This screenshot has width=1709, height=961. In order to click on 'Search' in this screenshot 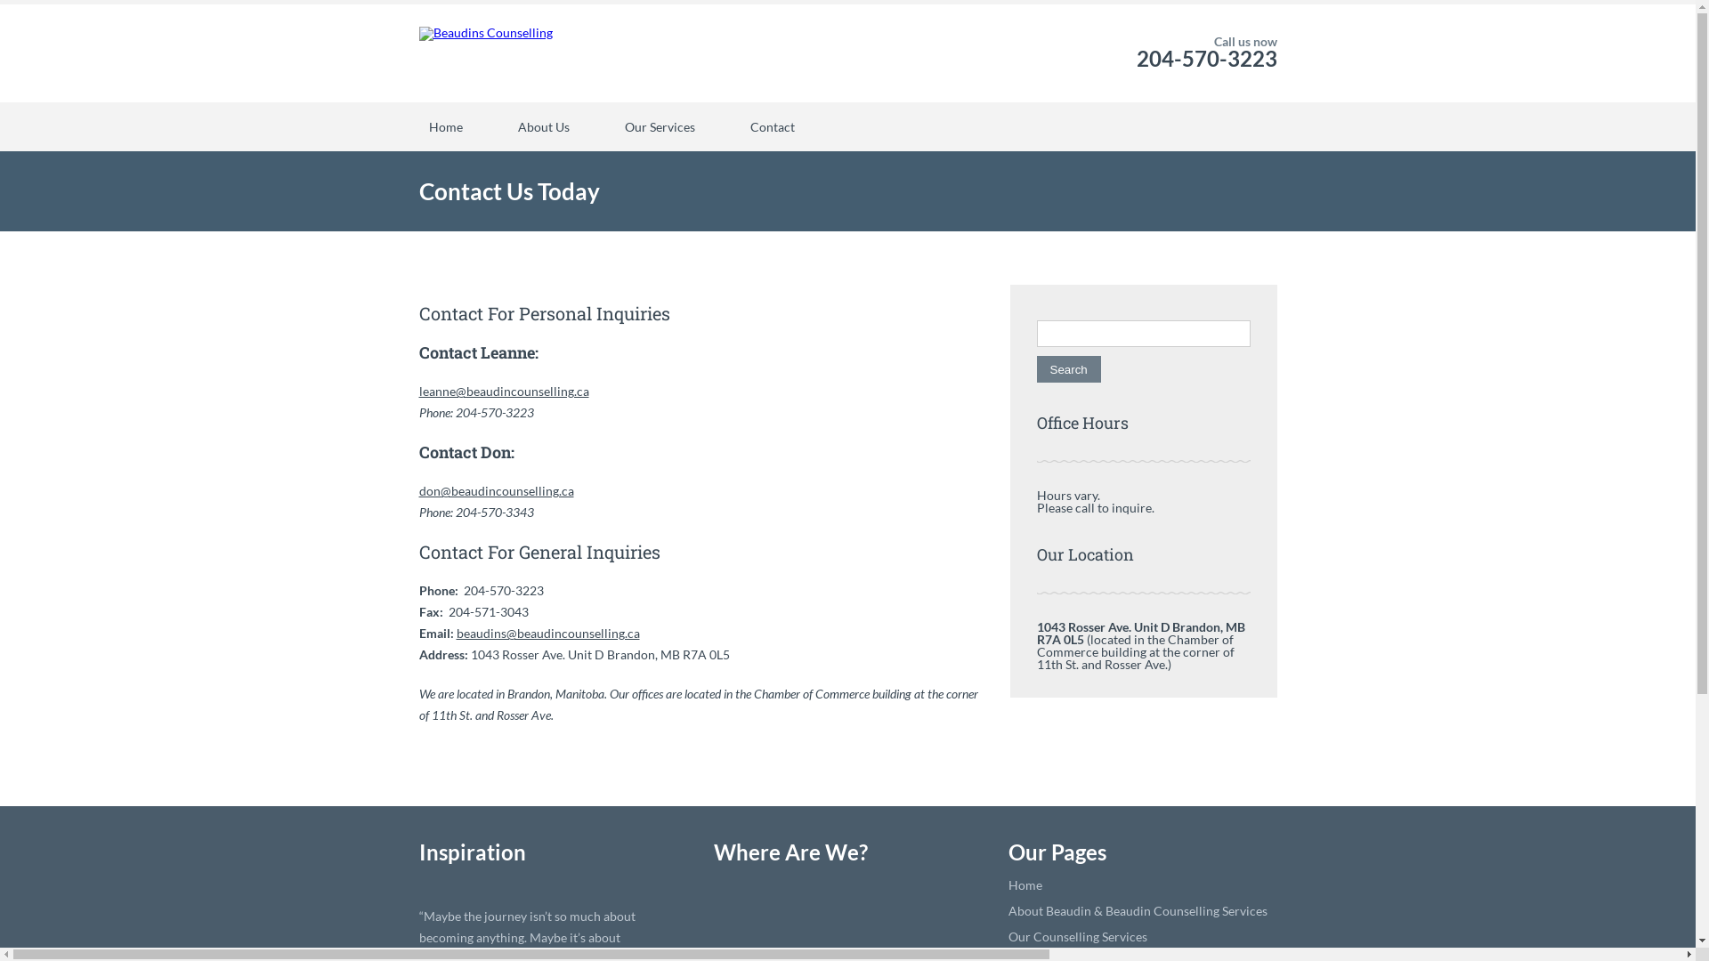, I will do `click(1035, 368)`.